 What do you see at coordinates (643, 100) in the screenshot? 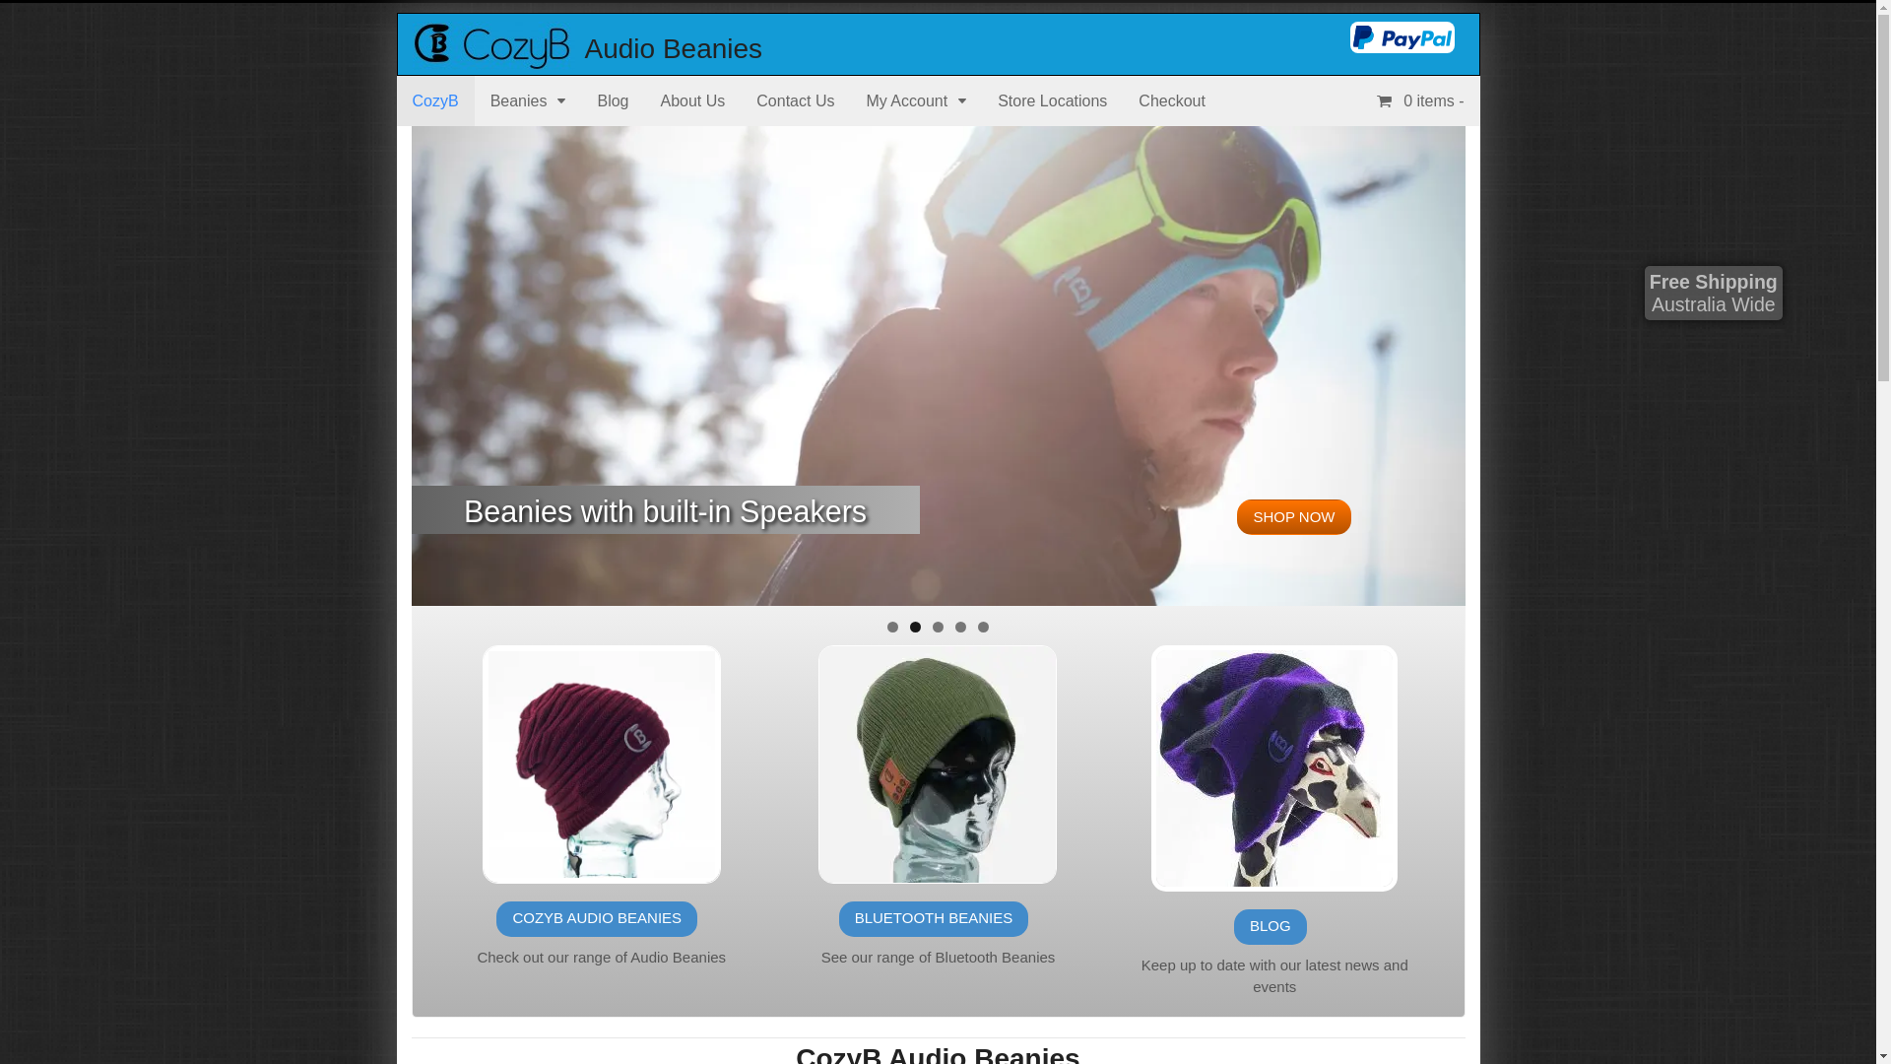
I see `'About Us'` at bounding box center [643, 100].